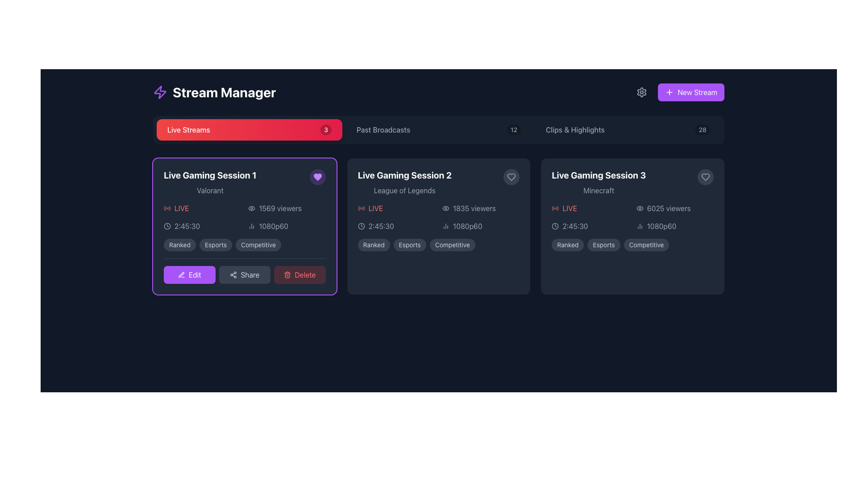 The width and height of the screenshot is (857, 482). Describe the element at coordinates (187, 225) in the screenshot. I see `displayed total elapsed time of the live gaming session in the first card labeled 'Live Gaming Session 1', located to the right of the small clock icon and above the resolution indicator ('1080p60')` at that location.